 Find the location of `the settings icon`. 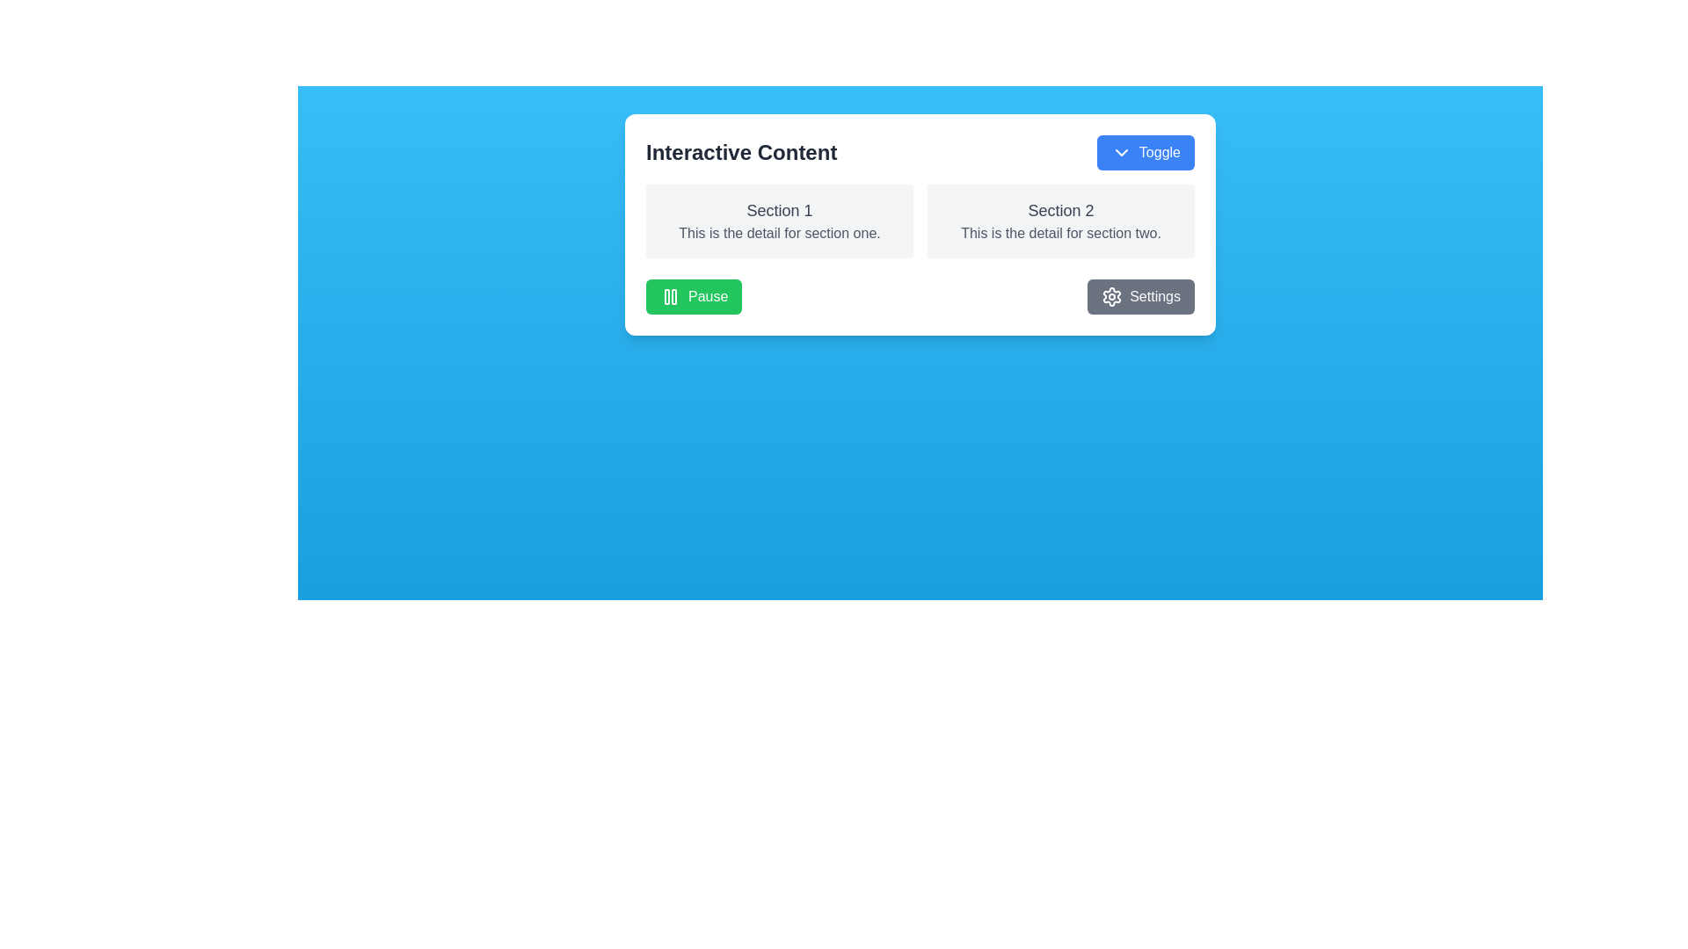

the settings icon is located at coordinates (1111, 296).